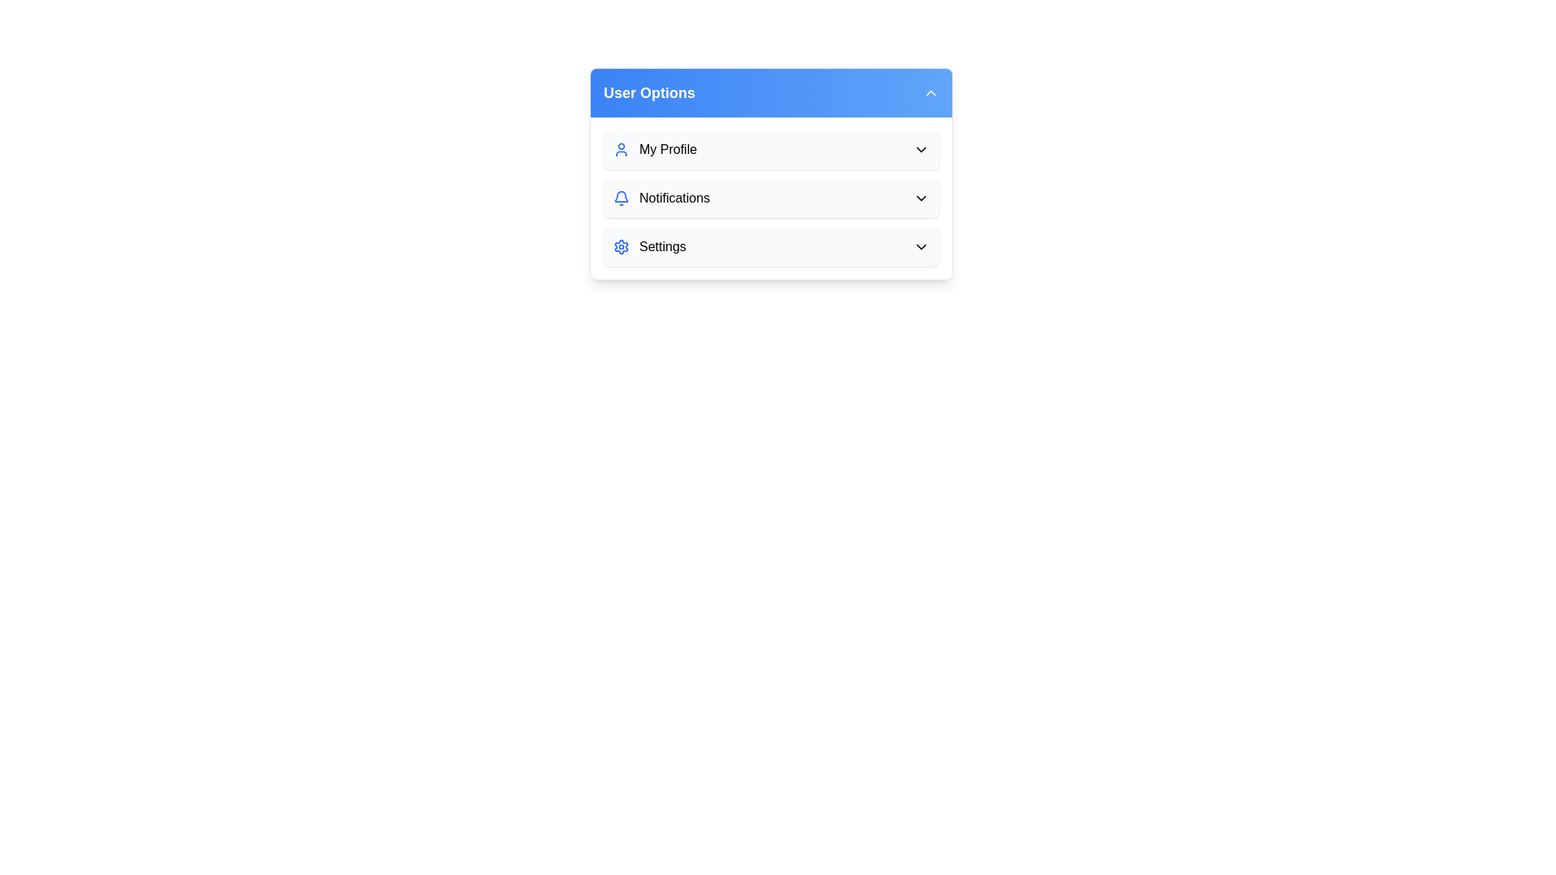 The width and height of the screenshot is (1556, 875). What do you see at coordinates (930, 93) in the screenshot?
I see `the toggle button located in the top-right corner of the blue header bar labeled 'User Options'` at bounding box center [930, 93].